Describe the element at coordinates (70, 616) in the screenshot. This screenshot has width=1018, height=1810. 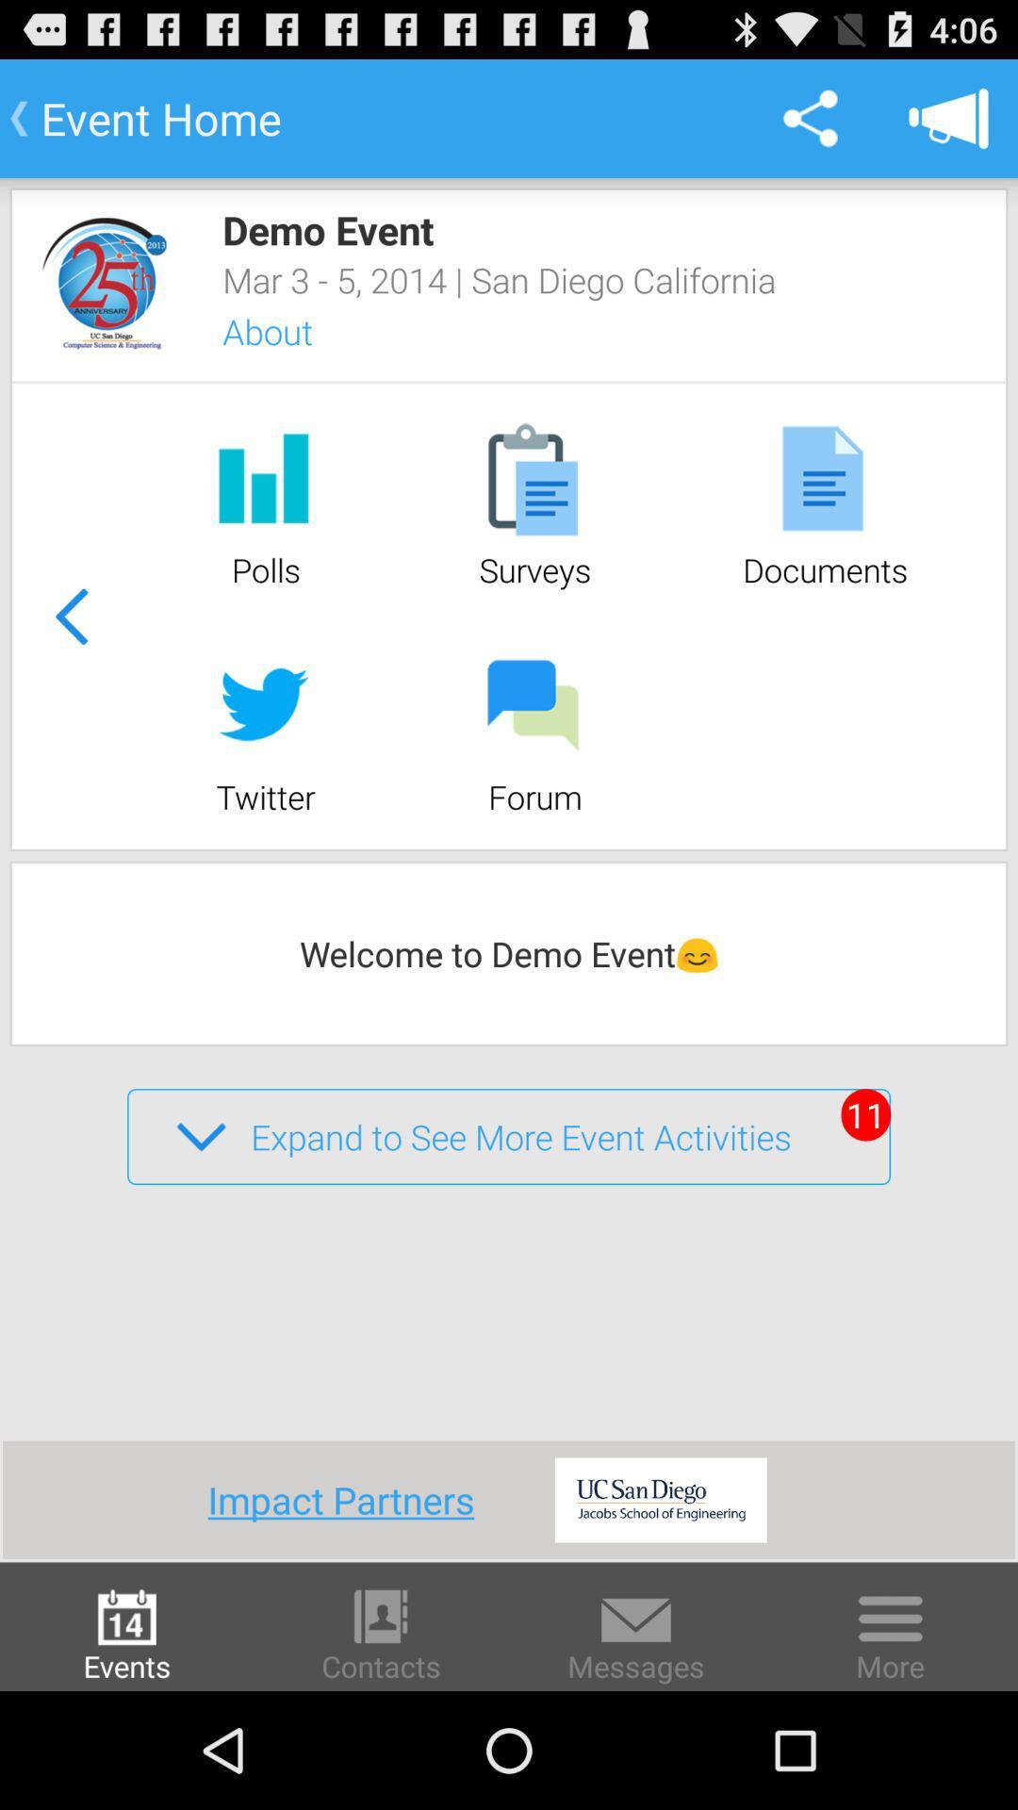
I see `go back` at that location.